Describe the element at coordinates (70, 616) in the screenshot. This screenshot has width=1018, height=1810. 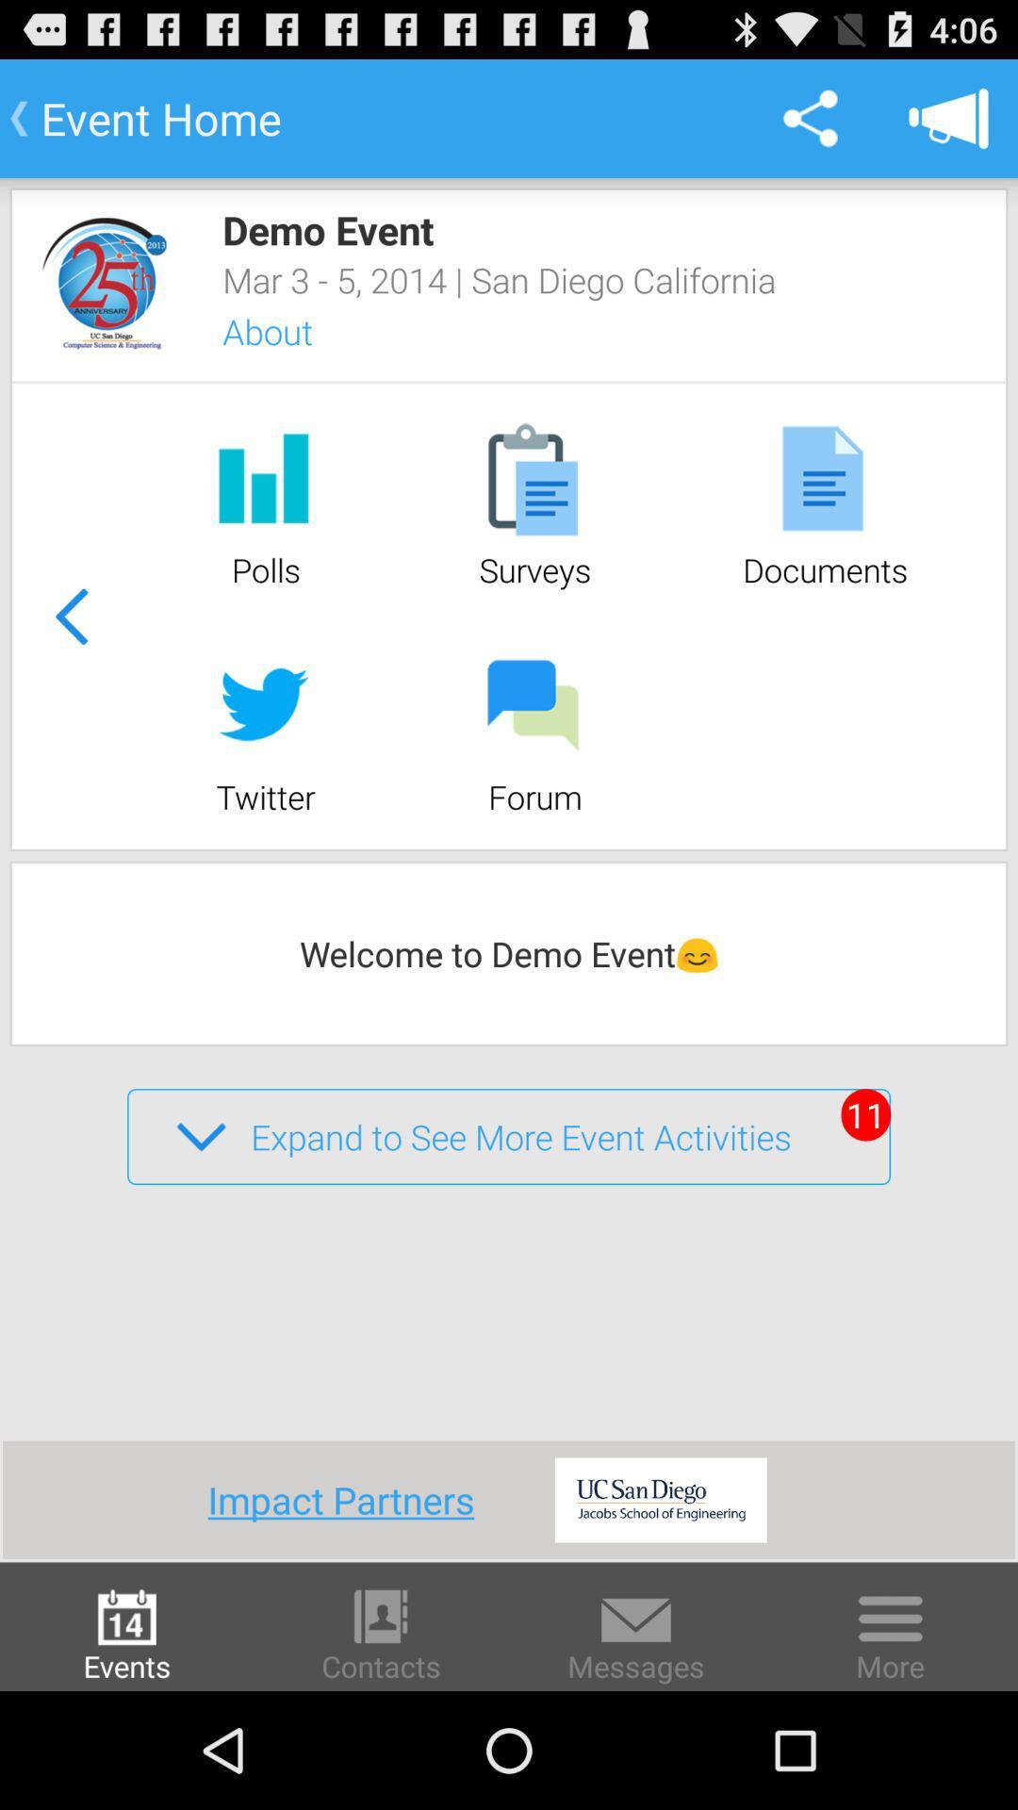
I see `go back` at that location.